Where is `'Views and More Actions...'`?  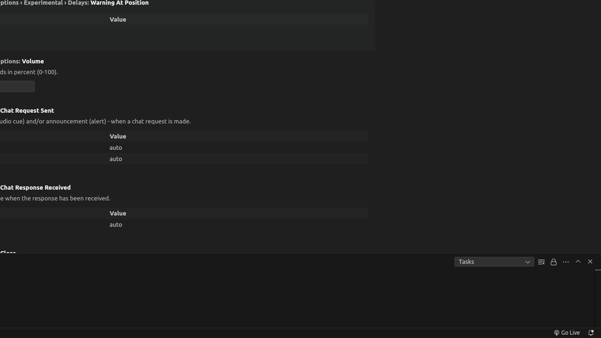 'Views and More Actions...' is located at coordinates (565, 261).